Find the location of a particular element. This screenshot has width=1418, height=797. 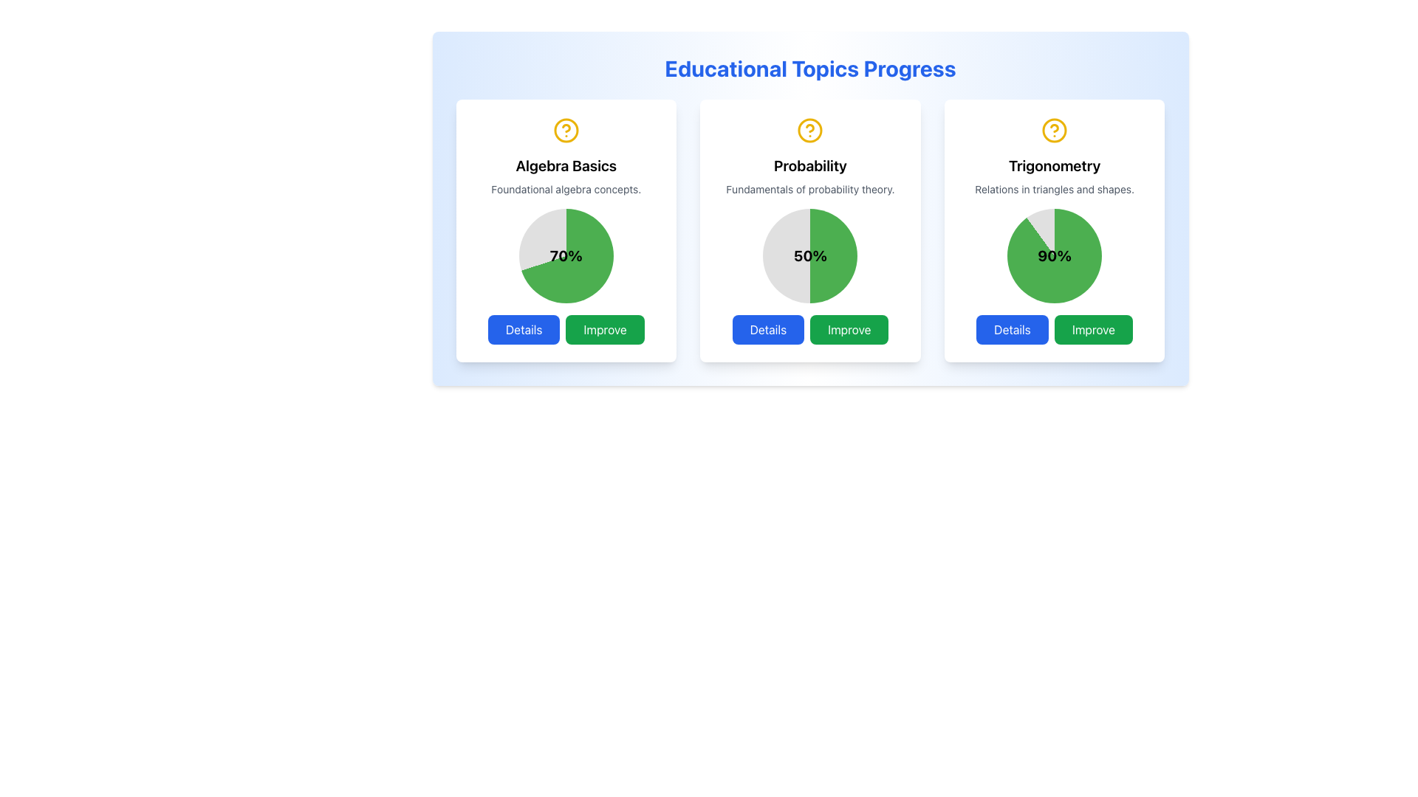

the green rectangular button with rounded corners that has 'Improve' text centered within it, located under the progress chart for 'Trigonometry' is located at coordinates (1093, 329).